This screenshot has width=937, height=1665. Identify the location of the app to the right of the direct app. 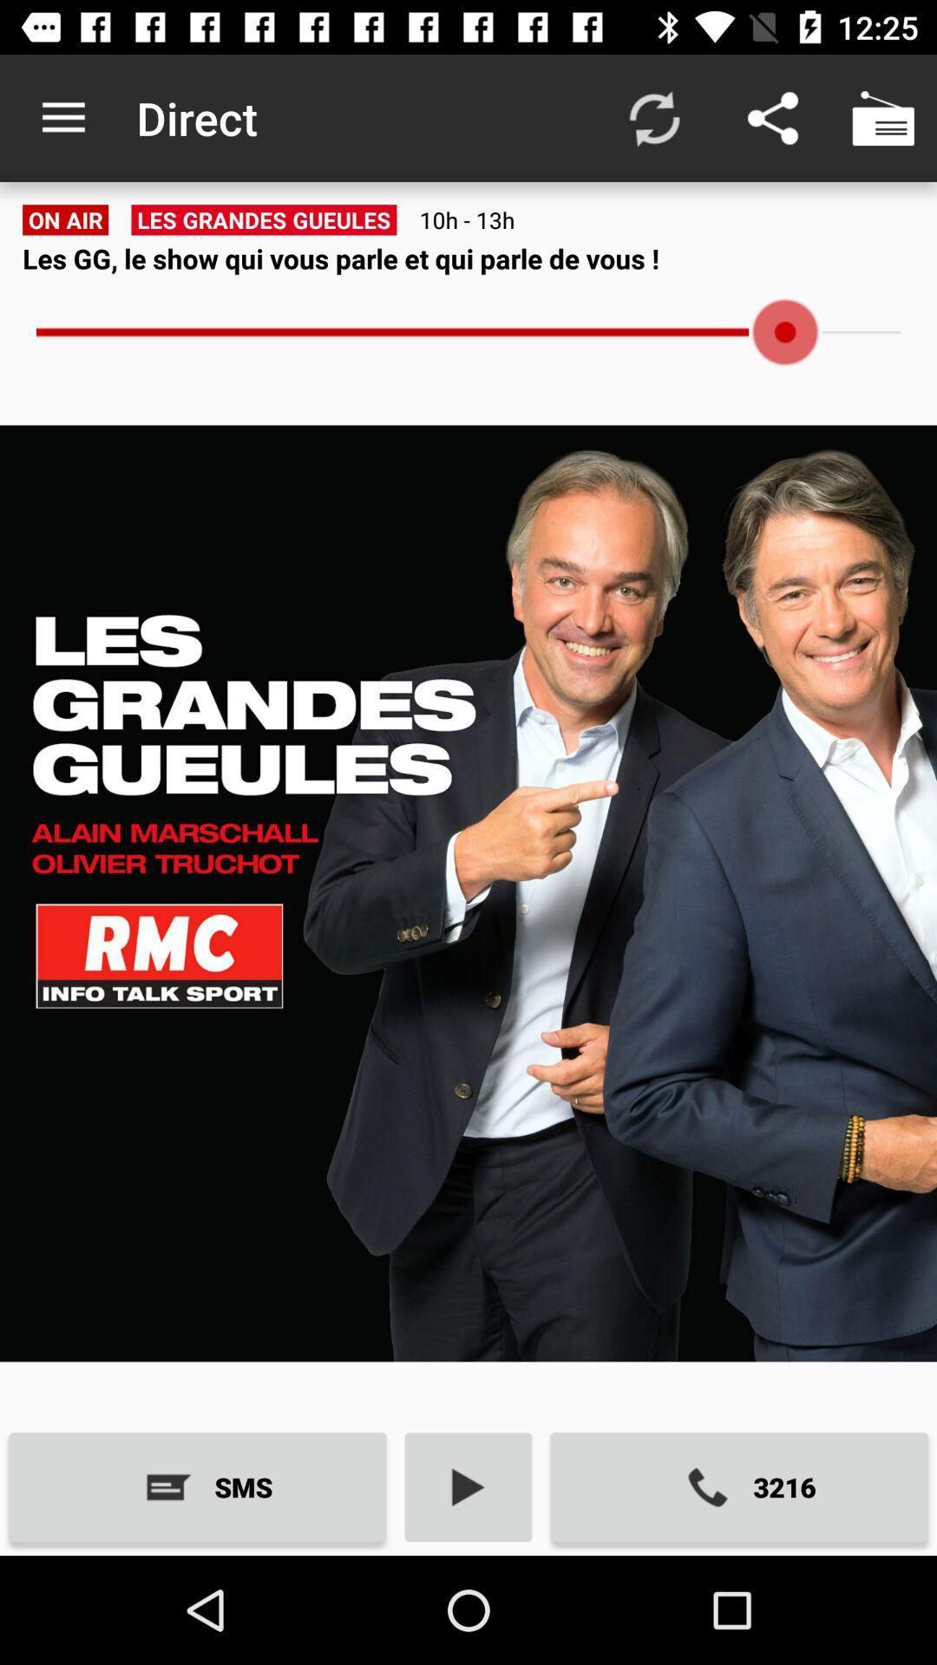
(654, 117).